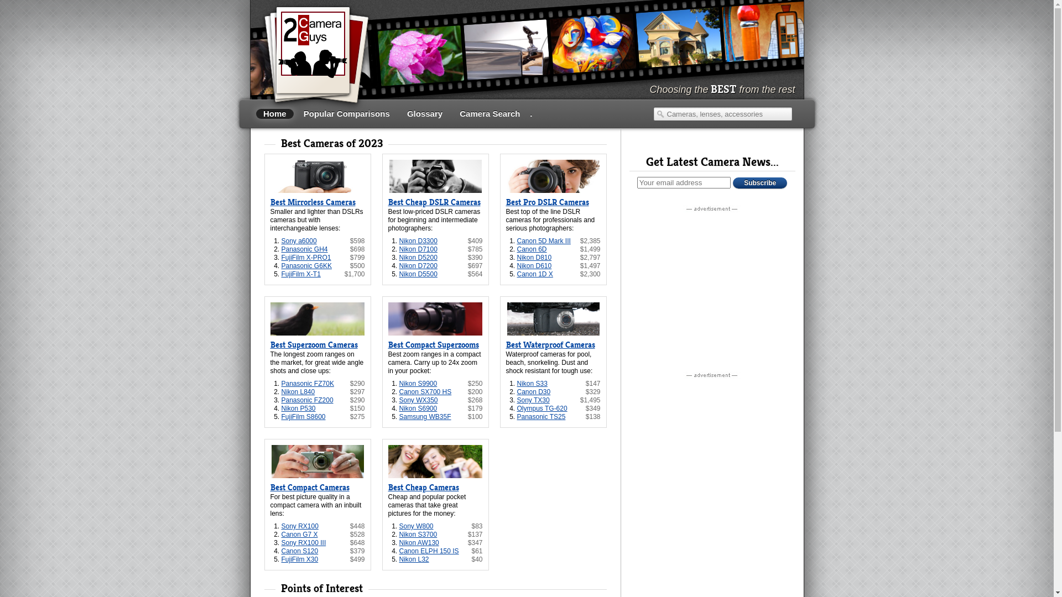 The width and height of the screenshot is (1062, 597). What do you see at coordinates (274, 113) in the screenshot?
I see `'Home'` at bounding box center [274, 113].